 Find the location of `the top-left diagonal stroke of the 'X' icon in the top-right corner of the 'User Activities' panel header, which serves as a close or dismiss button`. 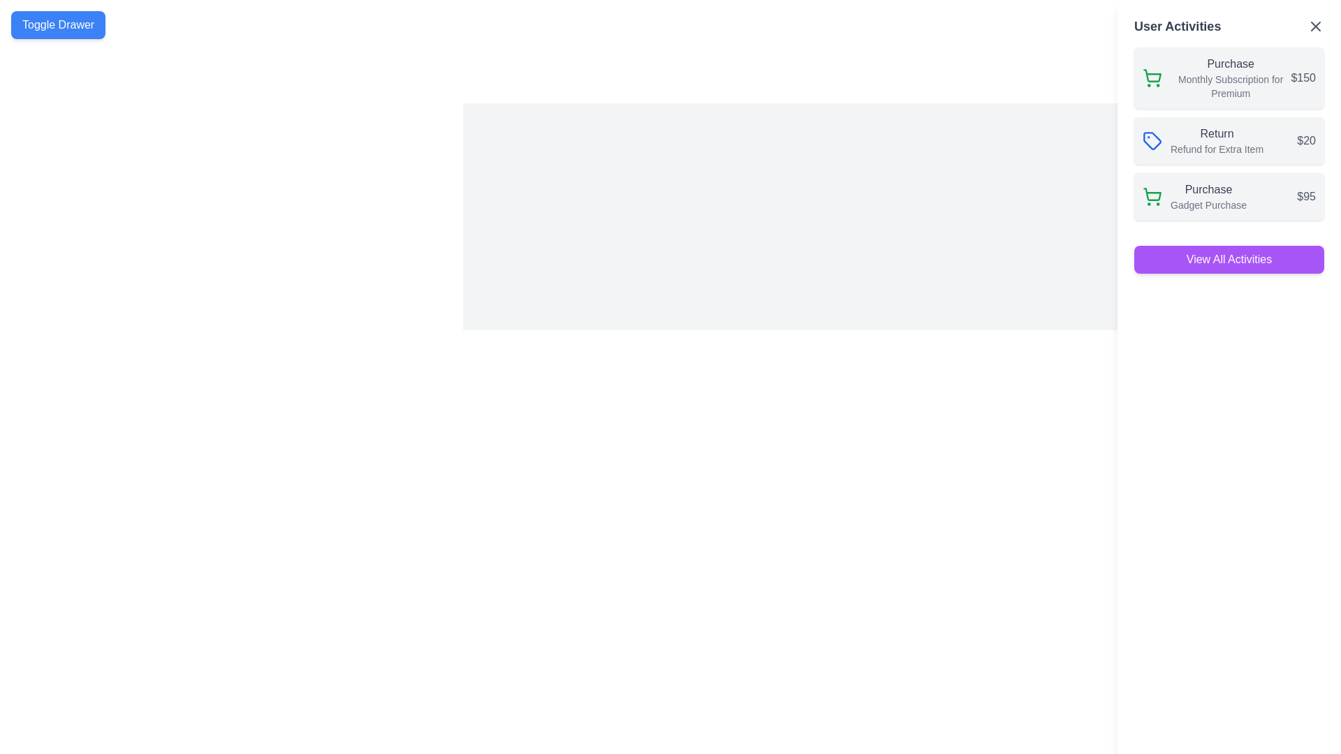

the top-left diagonal stroke of the 'X' icon in the top-right corner of the 'User Activities' panel header, which serves as a close or dismiss button is located at coordinates (1314, 27).